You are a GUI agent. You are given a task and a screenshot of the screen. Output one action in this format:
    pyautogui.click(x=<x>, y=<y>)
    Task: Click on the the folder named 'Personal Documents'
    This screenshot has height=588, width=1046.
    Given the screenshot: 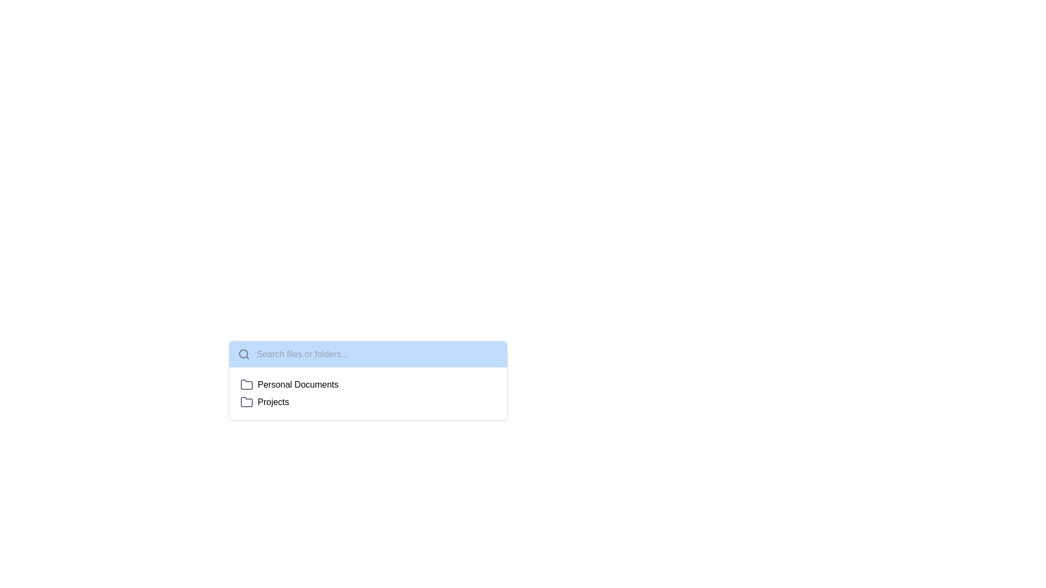 What is the action you would take?
    pyautogui.click(x=368, y=384)
    